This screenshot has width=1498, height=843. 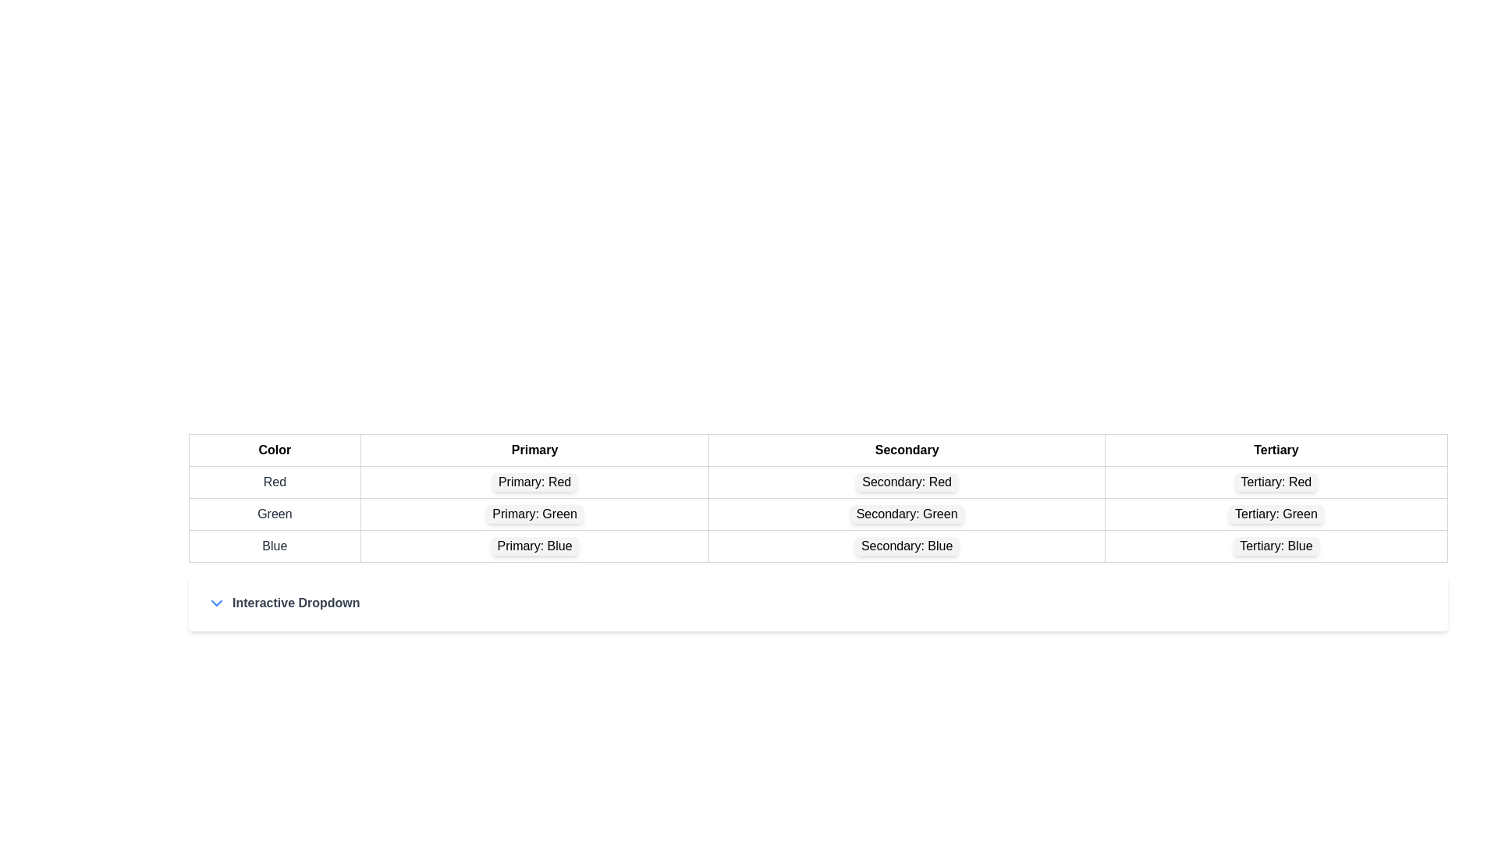 What do you see at coordinates (907, 545) in the screenshot?
I see `the static text label styled like a button that displays 'Secondary: Blue' with a light gray background and rounded corners` at bounding box center [907, 545].